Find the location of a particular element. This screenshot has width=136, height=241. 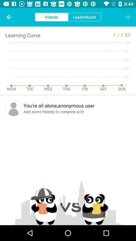

the item next to the 1 xp item is located at coordinates (117, 35).